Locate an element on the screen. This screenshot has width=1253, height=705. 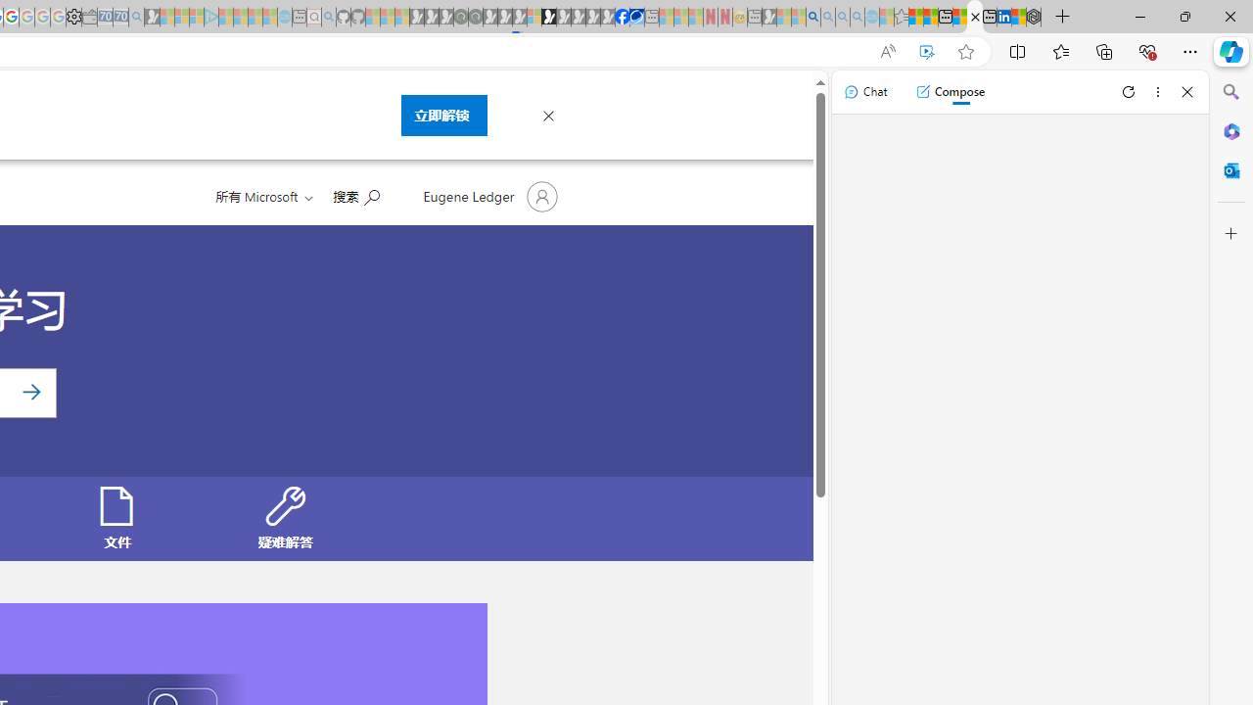
'Microsoft account | Privacy - Sleeping' is located at coordinates (197, 17).